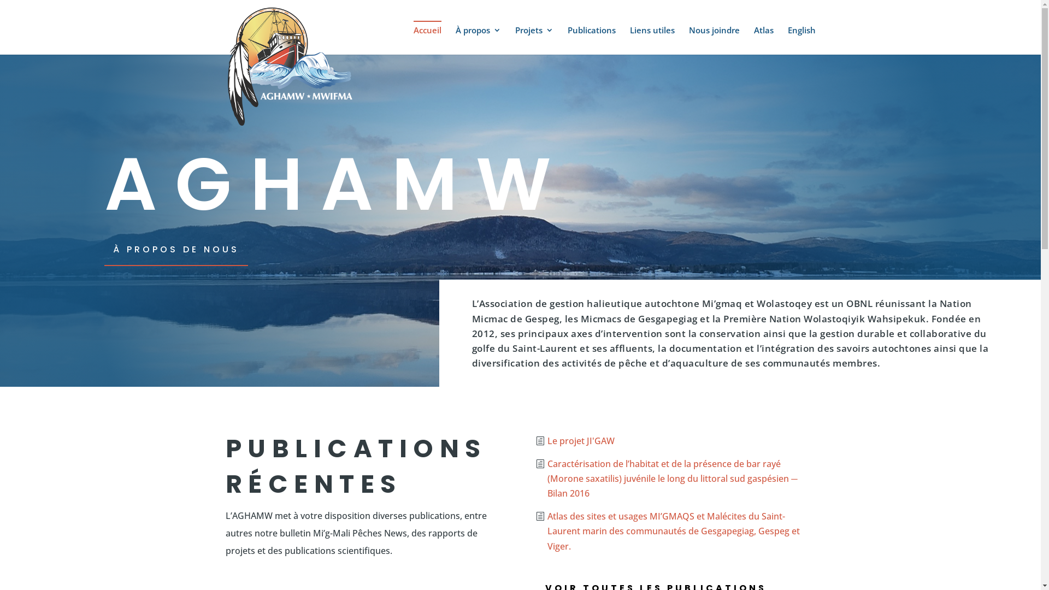 The height and width of the screenshot is (590, 1049). Describe the element at coordinates (714, 39) in the screenshot. I see `'Nous joindre'` at that location.